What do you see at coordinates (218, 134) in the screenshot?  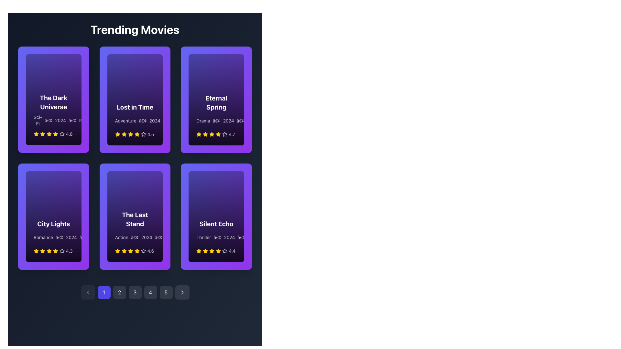 I see `the fourth star icon representing a rating score for the movie 'Eternal Spring' located below the movie title` at bounding box center [218, 134].